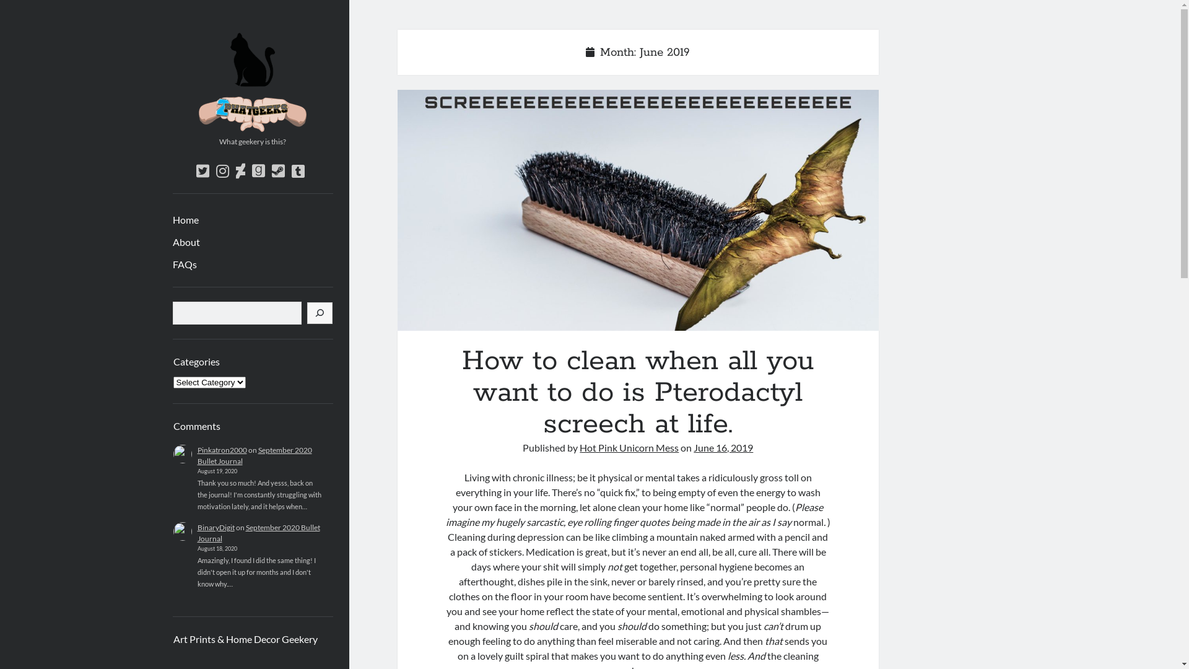 The width and height of the screenshot is (1189, 669). Describe the element at coordinates (215, 171) in the screenshot. I see `'instagram'` at that location.